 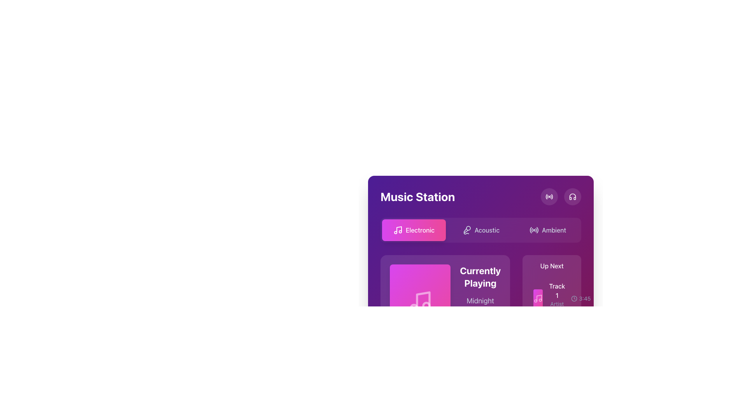 I want to click on vertical stem of the music note icon located in the 'Electronic' button within the 'Music Station' section by using developer tools, so click(x=399, y=229).